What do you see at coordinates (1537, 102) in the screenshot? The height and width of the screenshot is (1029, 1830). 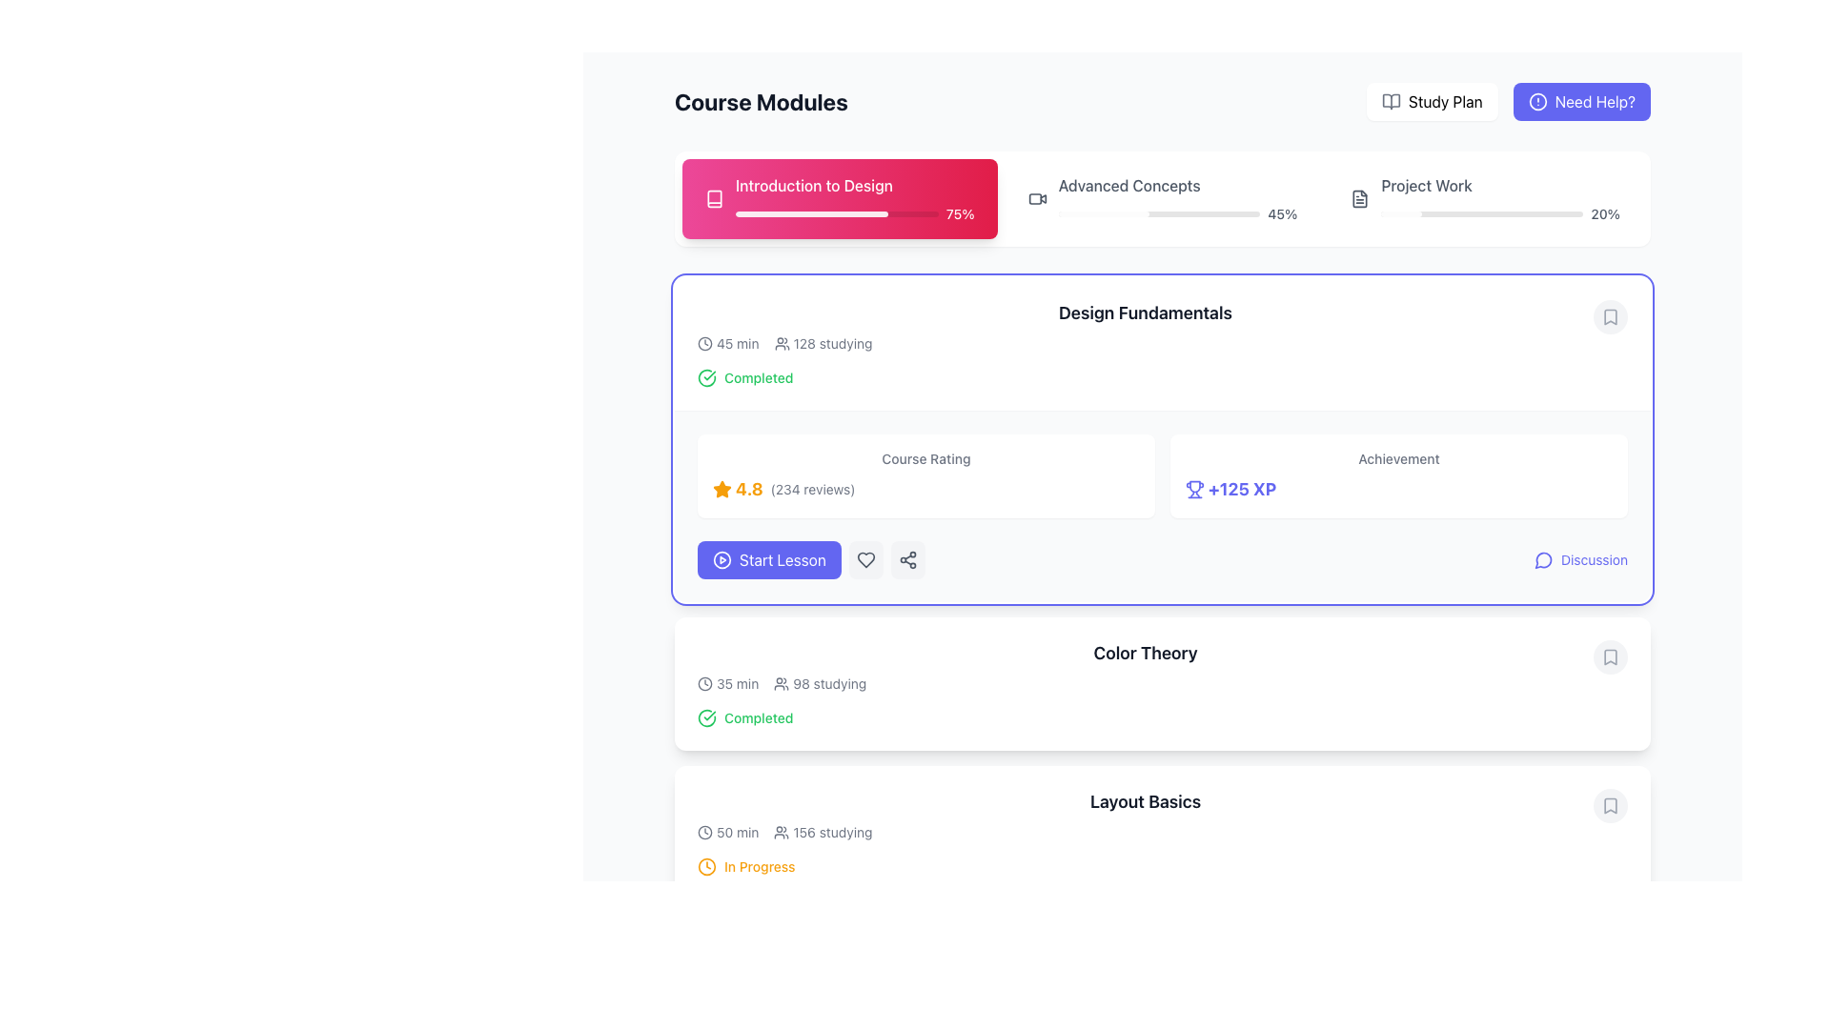 I see `the 'Need Help?' button containing the circular alert icon located at the top-right corner of the interface` at bounding box center [1537, 102].